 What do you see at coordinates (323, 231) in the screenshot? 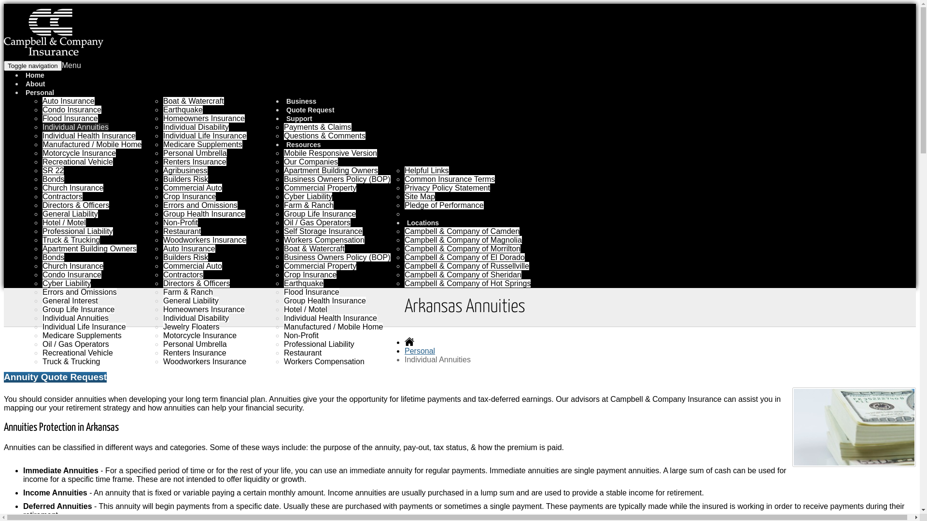
I see `'Self Storage Insurance'` at bounding box center [323, 231].